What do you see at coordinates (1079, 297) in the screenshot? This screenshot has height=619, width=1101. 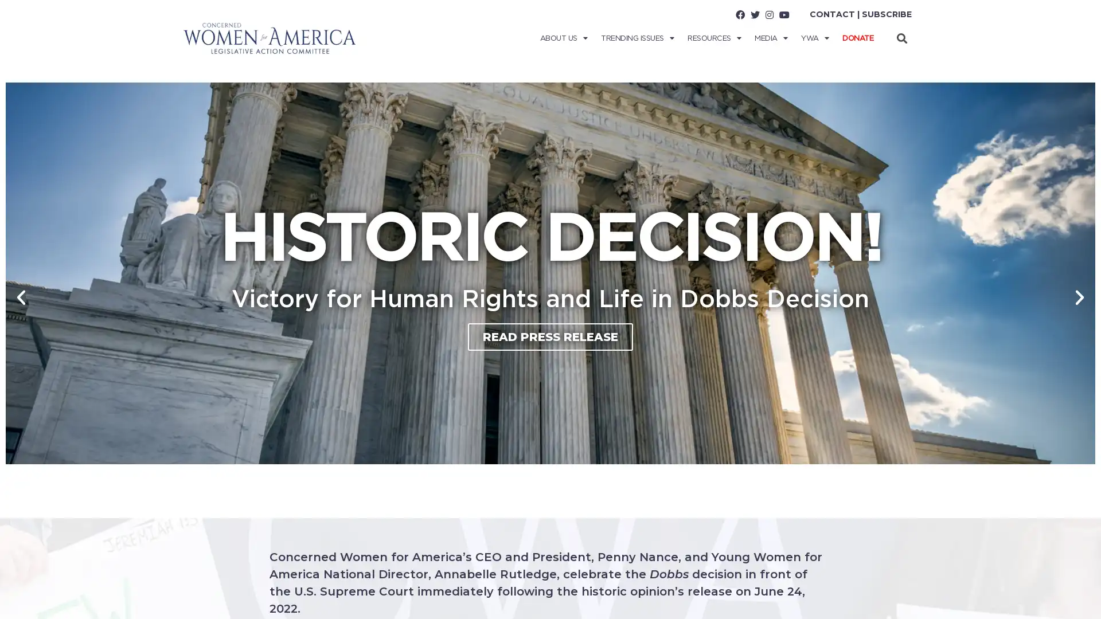 I see `Next slide` at bounding box center [1079, 297].